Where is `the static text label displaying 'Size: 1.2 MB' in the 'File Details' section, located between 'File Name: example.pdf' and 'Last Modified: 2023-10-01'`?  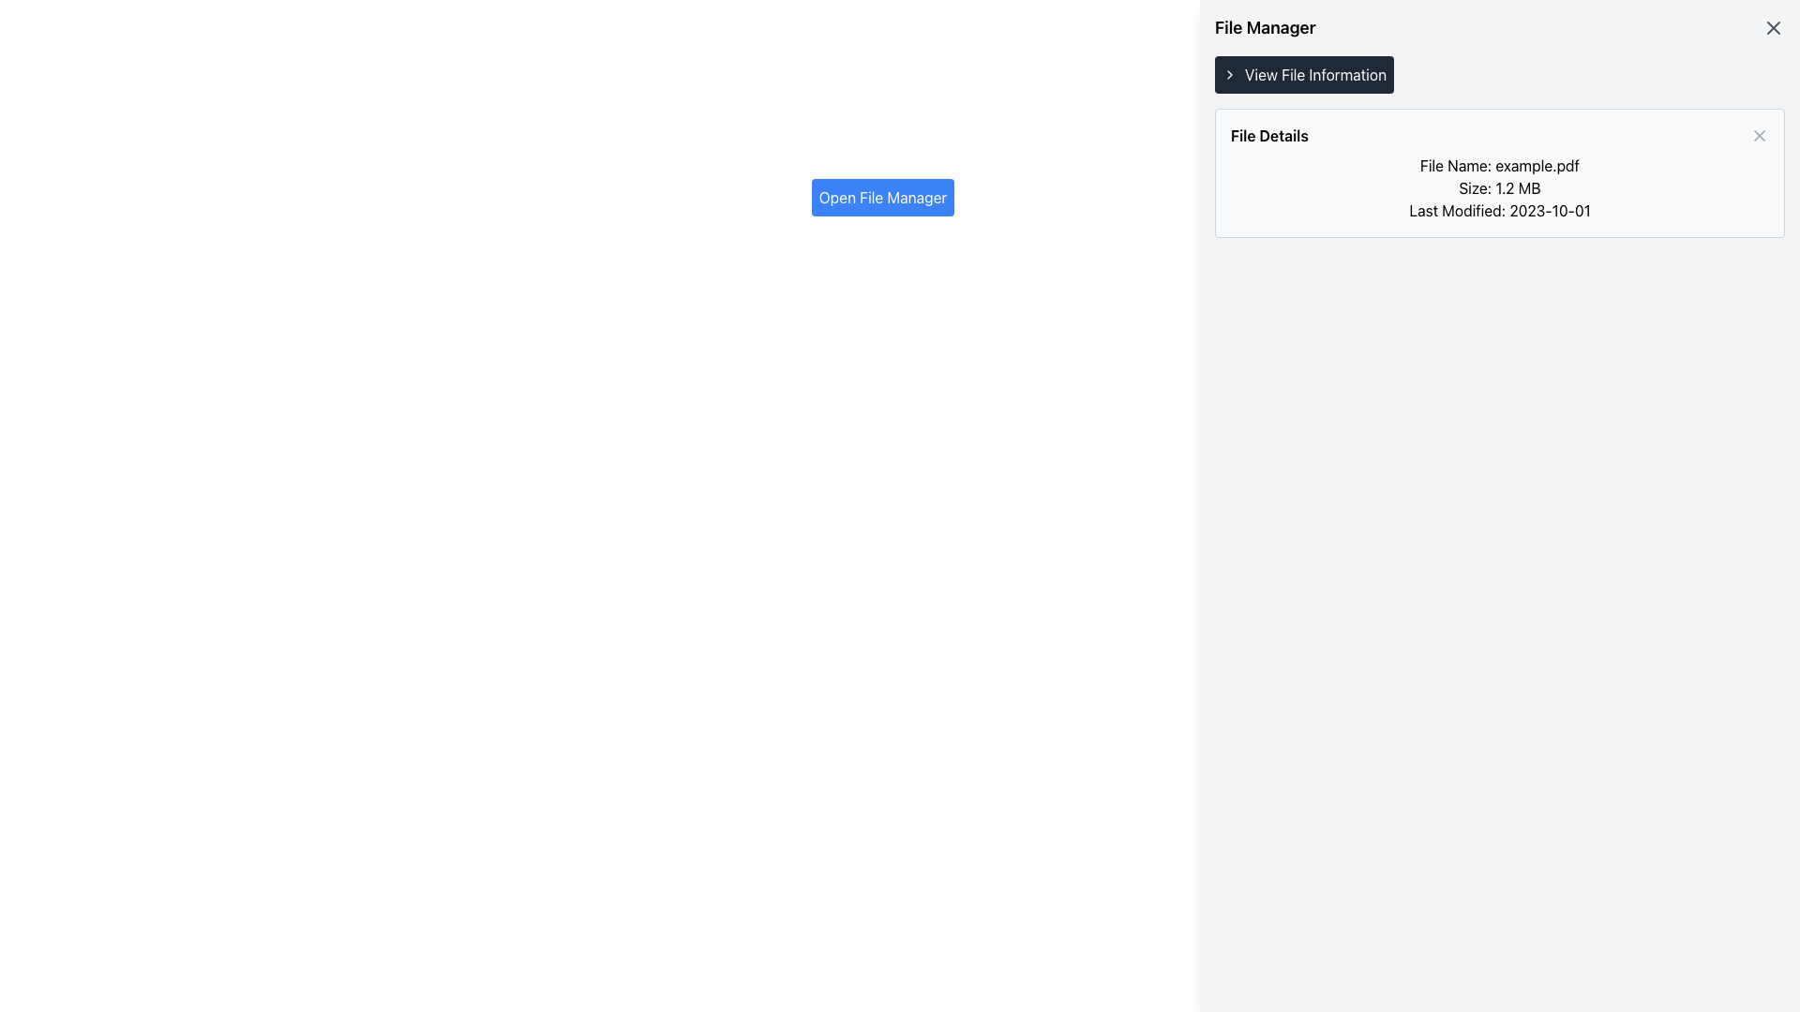
the static text label displaying 'Size: 1.2 MB' in the 'File Details' section, located between 'File Name: example.pdf' and 'Last Modified: 2023-10-01' is located at coordinates (1498, 187).